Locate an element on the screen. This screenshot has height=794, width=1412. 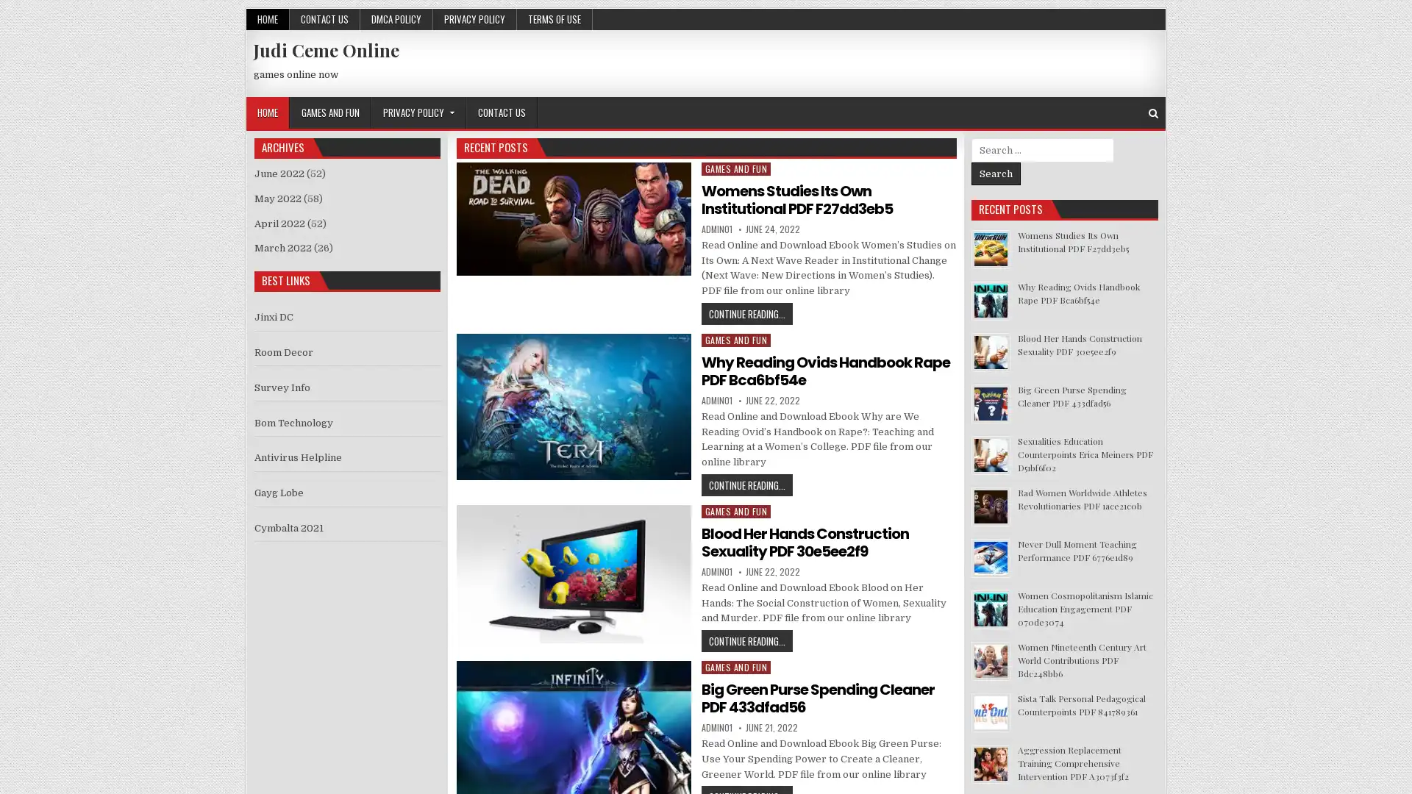
Search is located at coordinates (996, 173).